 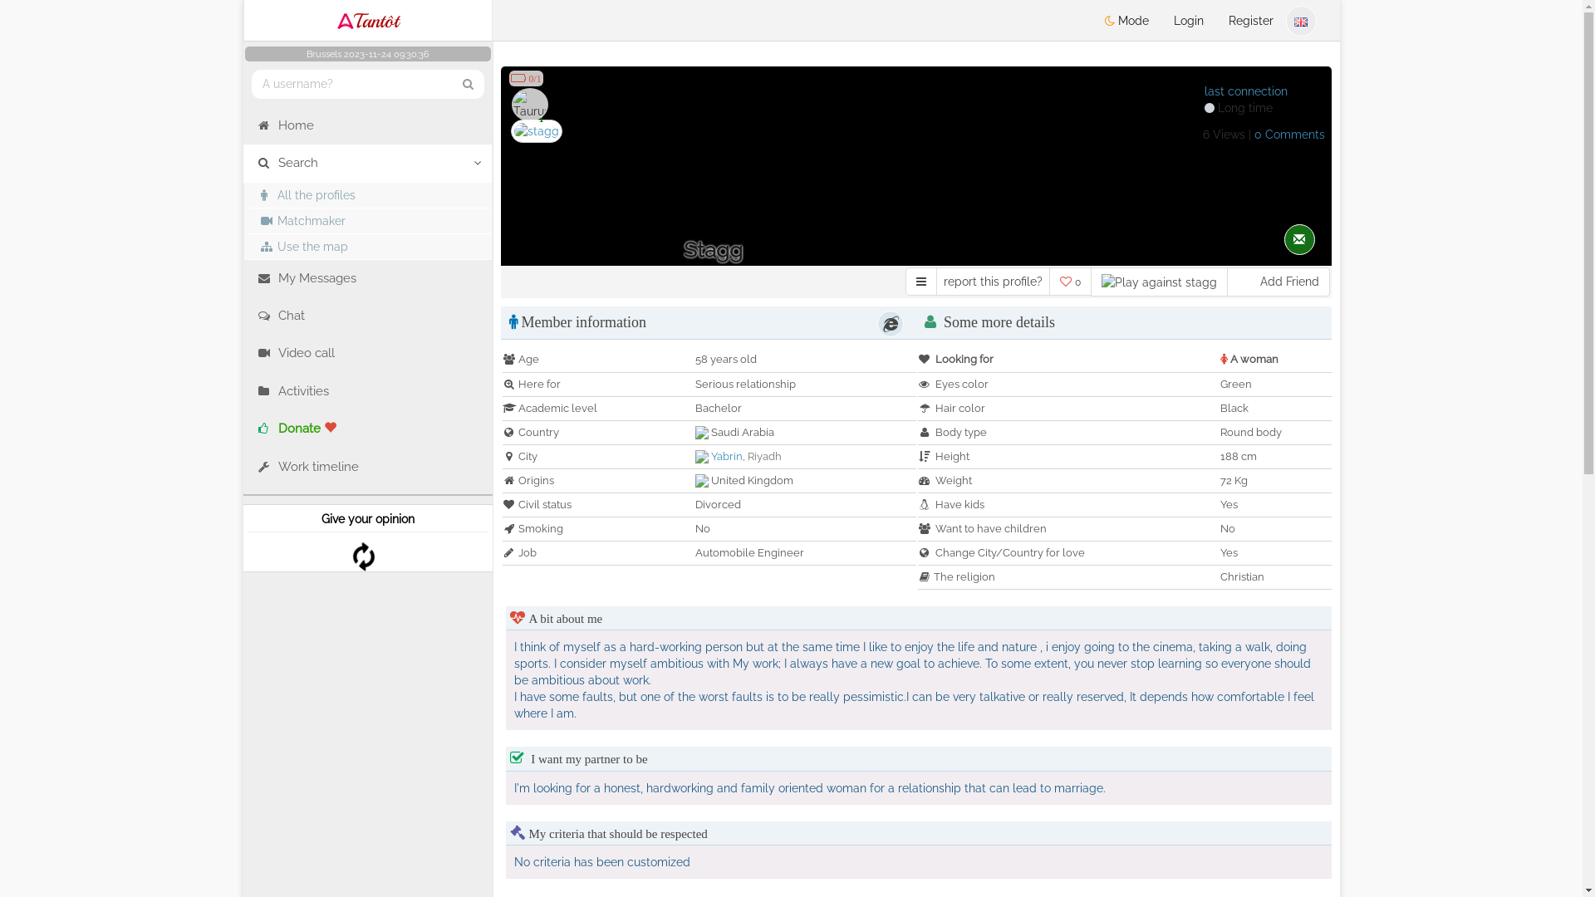 I want to click on 'Work timeline', so click(x=366, y=467).